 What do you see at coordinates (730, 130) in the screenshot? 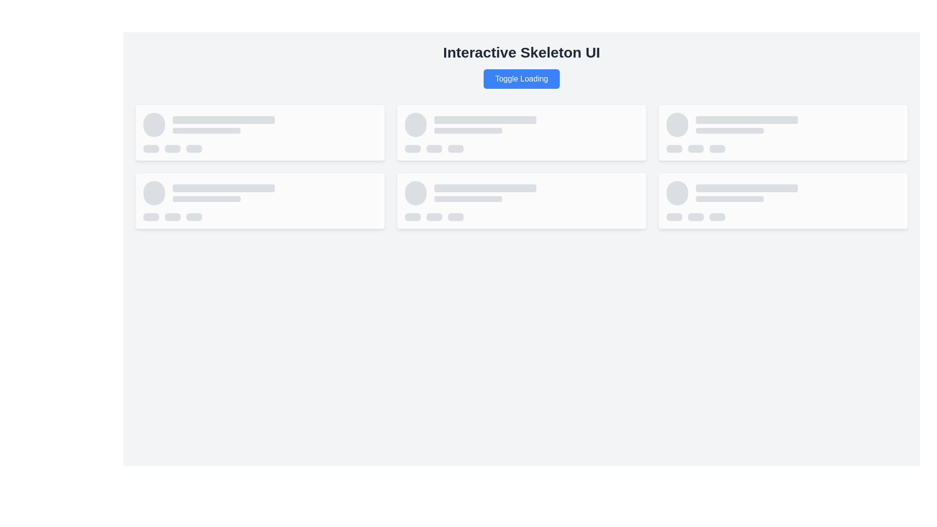
I see `the Skeleton loading indicator, which is a horizontal rectangular bar with rounded corners, located in the top-right section of the interface beneath a larger bar` at bounding box center [730, 130].